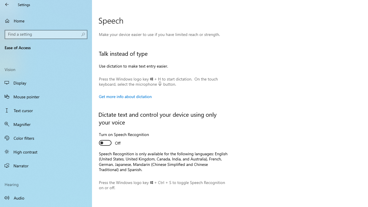 The height and width of the screenshot is (207, 368). Describe the element at coordinates (46, 124) in the screenshot. I see `'Magnifier'` at that location.